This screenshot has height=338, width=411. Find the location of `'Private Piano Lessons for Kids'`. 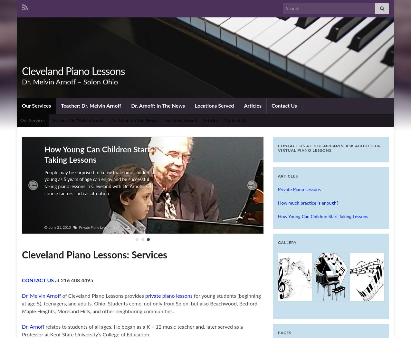

'Private Piano Lessons for Kids' is located at coordinates (101, 227).